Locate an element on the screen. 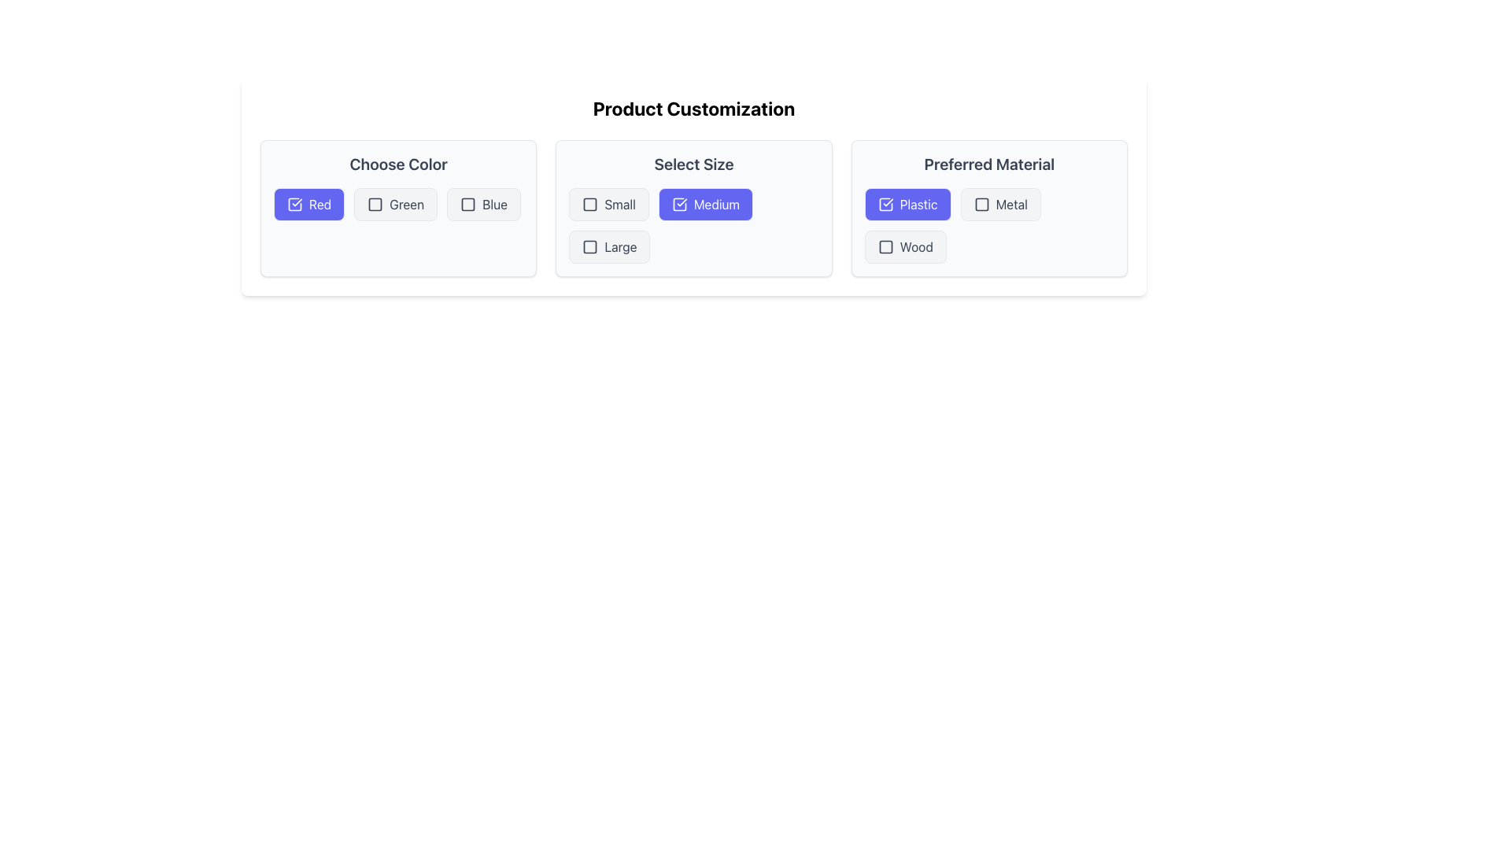  the 'Small' size button in the 'Select Size' group is located at coordinates (608, 203).